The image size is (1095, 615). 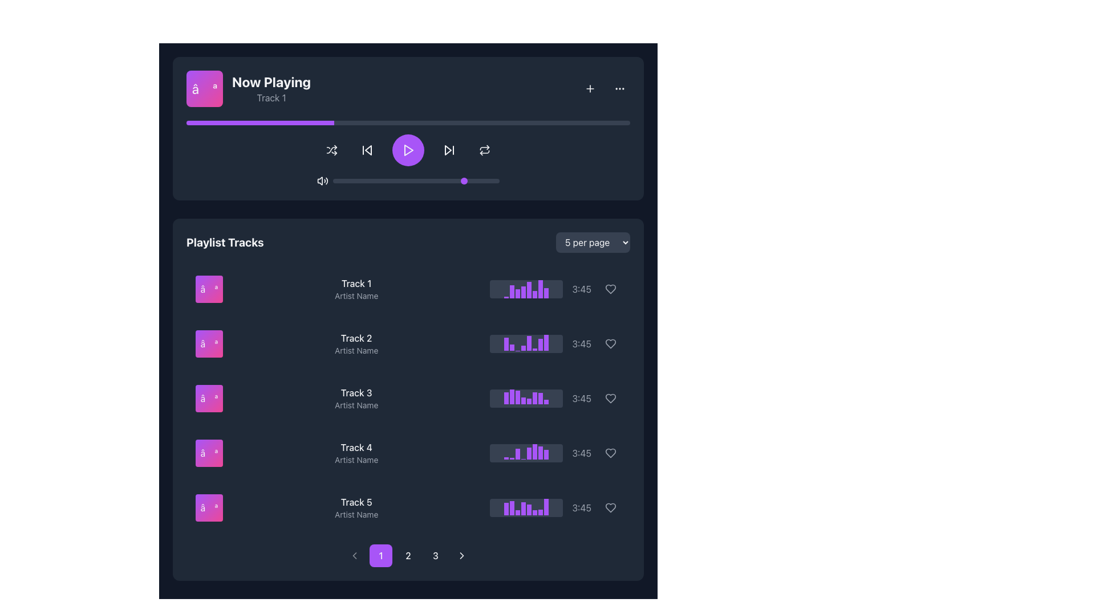 What do you see at coordinates (610, 343) in the screenshot?
I see `the 'Like' or 'Favorite' button, which is an icon-based element located at the far right of the row of the second track in the playlist` at bounding box center [610, 343].